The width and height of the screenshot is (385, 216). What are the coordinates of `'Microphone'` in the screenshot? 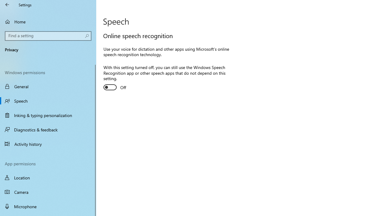 It's located at (48, 206).